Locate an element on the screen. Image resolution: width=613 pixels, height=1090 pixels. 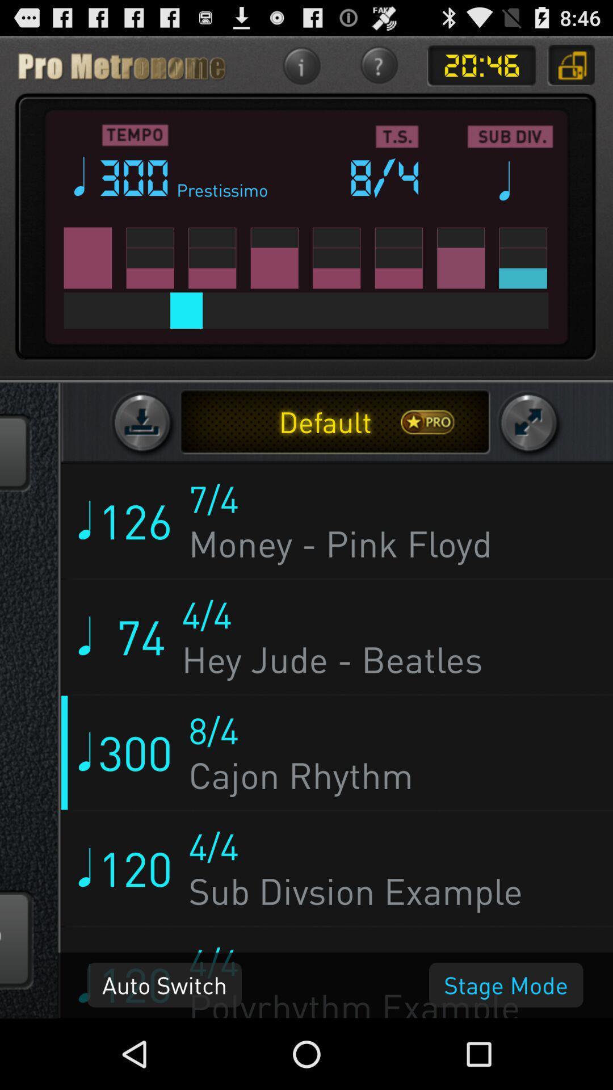
the help icon is located at coordinates (379, 70).